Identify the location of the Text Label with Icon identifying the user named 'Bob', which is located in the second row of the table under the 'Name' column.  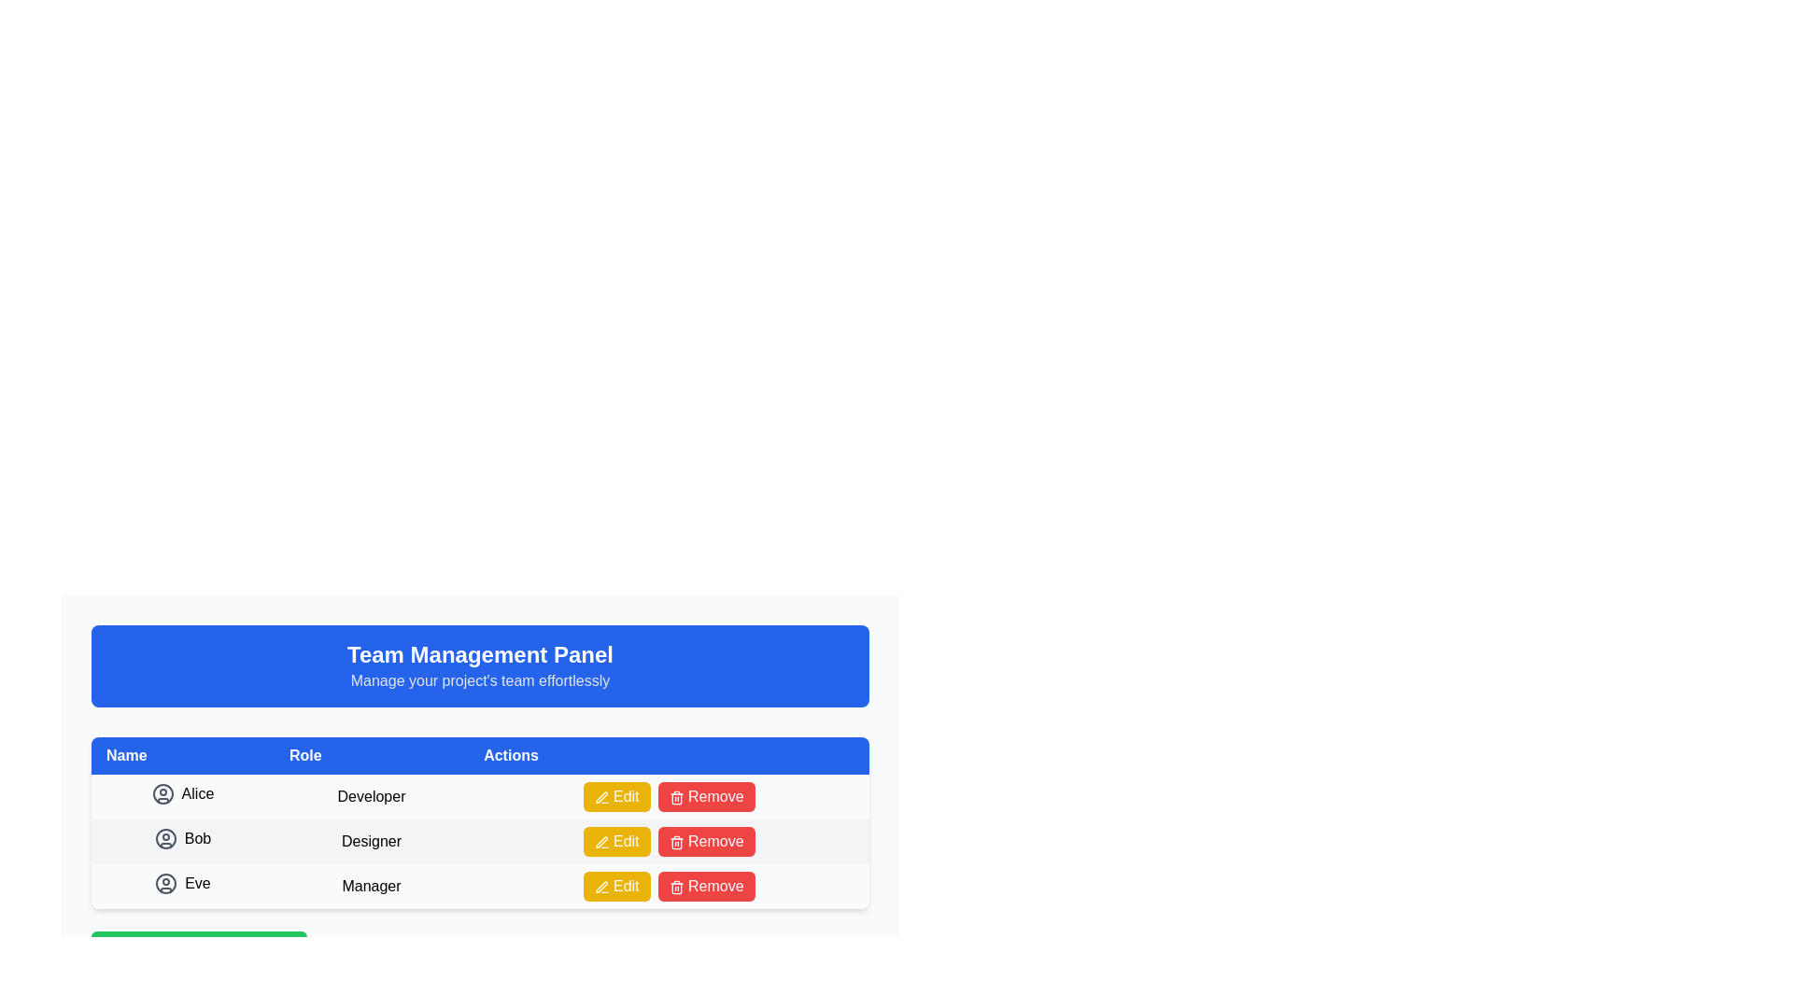
(183, 842).